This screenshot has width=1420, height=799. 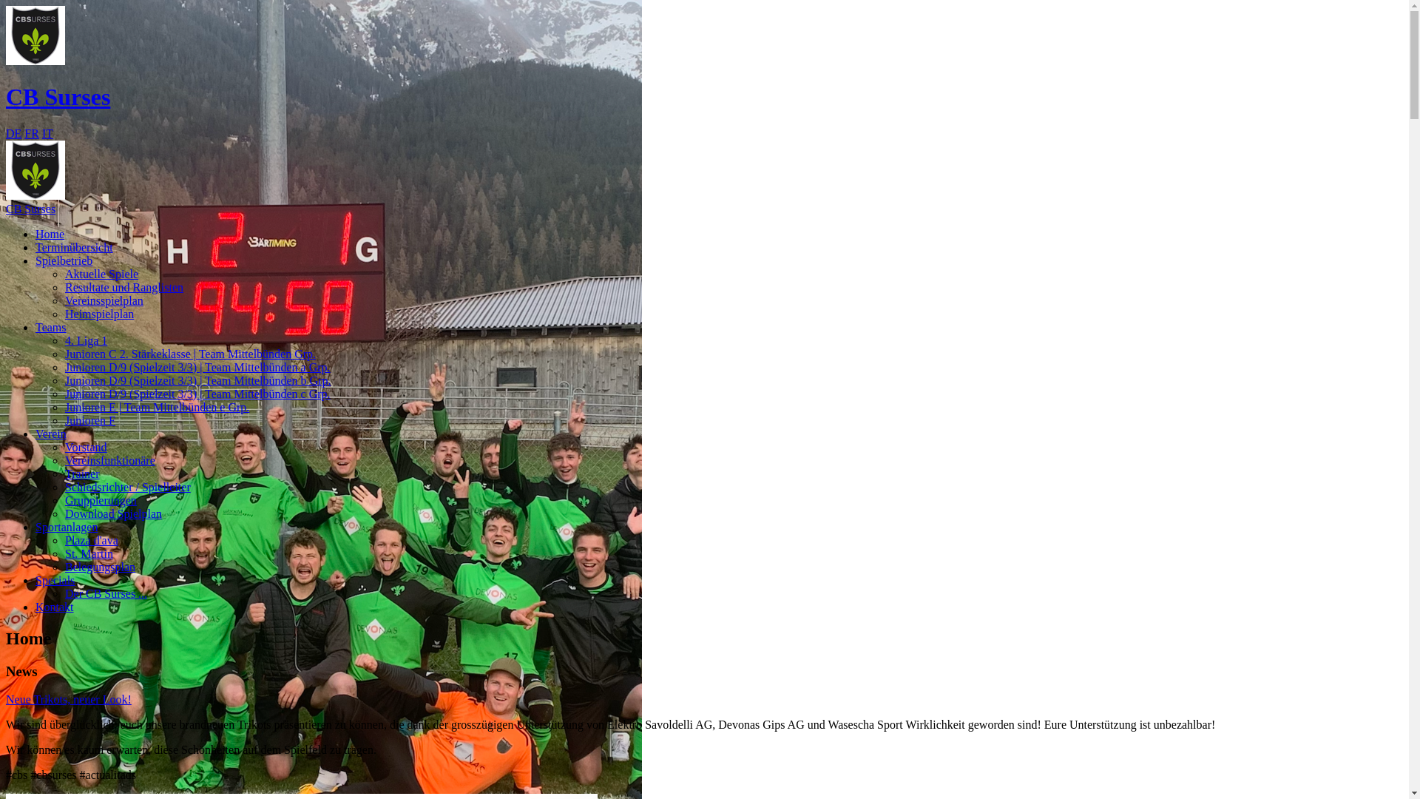 What do you see at coordinates (55, 579) in the screenshot?
I see `'Specials'` at bounding box center [55, 579].